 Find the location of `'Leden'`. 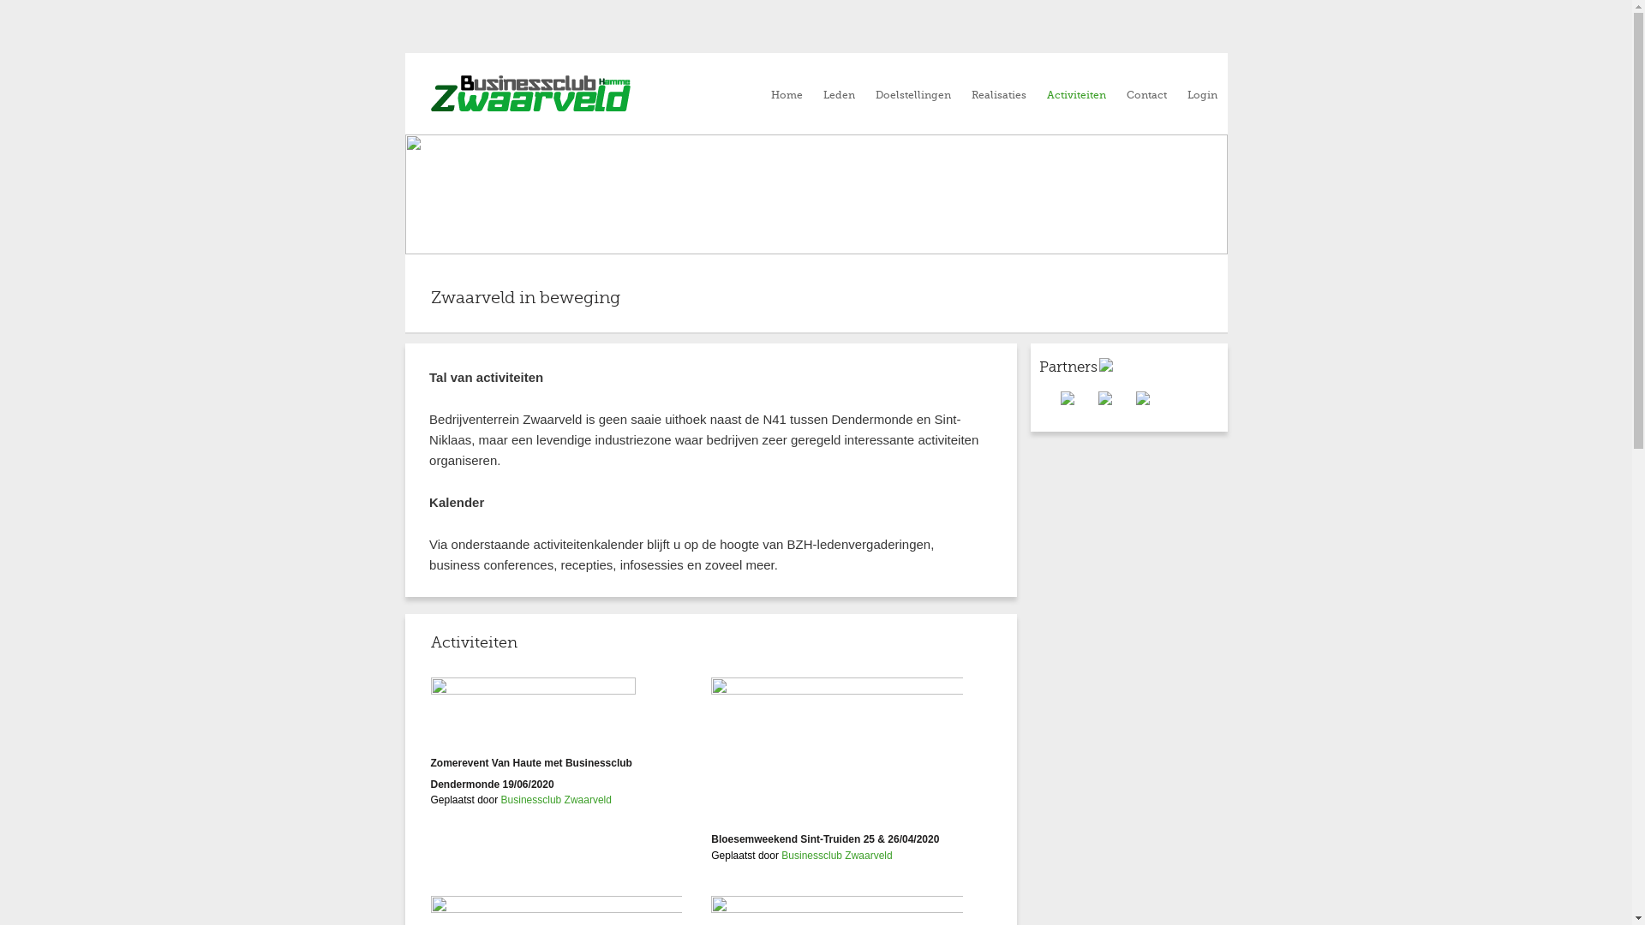

'Leden' is located at coordinates (838, 95).